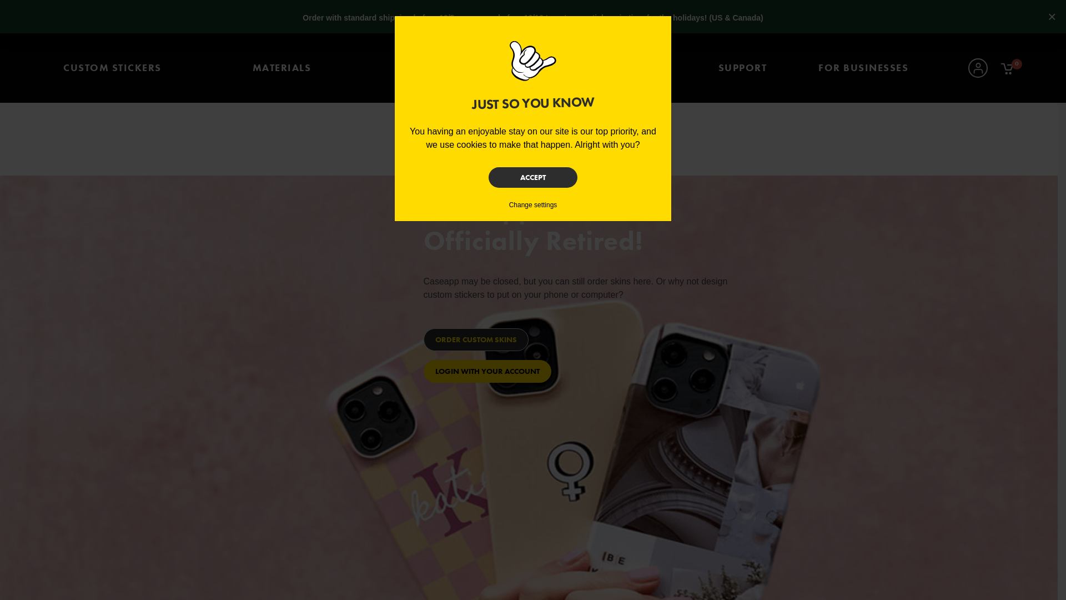 Image resolution: width=1066 pixels, height=600 pixels. What do you see at coordinates (533, 205) in the screenshot?
I see `'Change settings'` at bounding box center [533, 205].